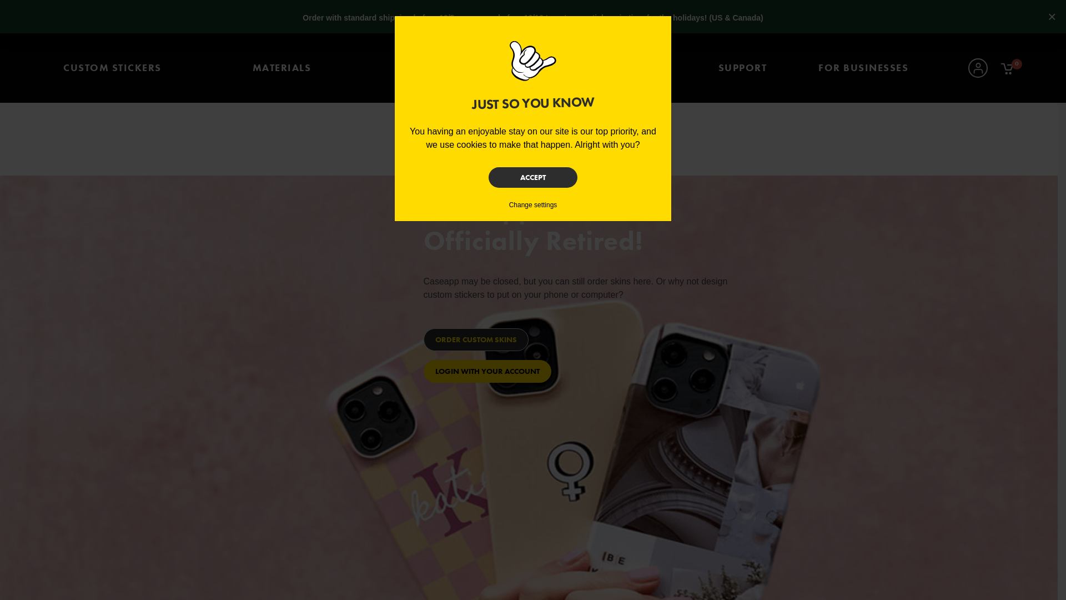 Image resolution: width=1066 pixels, height=600 pixels. What do you see at coordinates (533, 205) in the screenshot?
I see `'Change settings'` at bounding box center [533, 205].